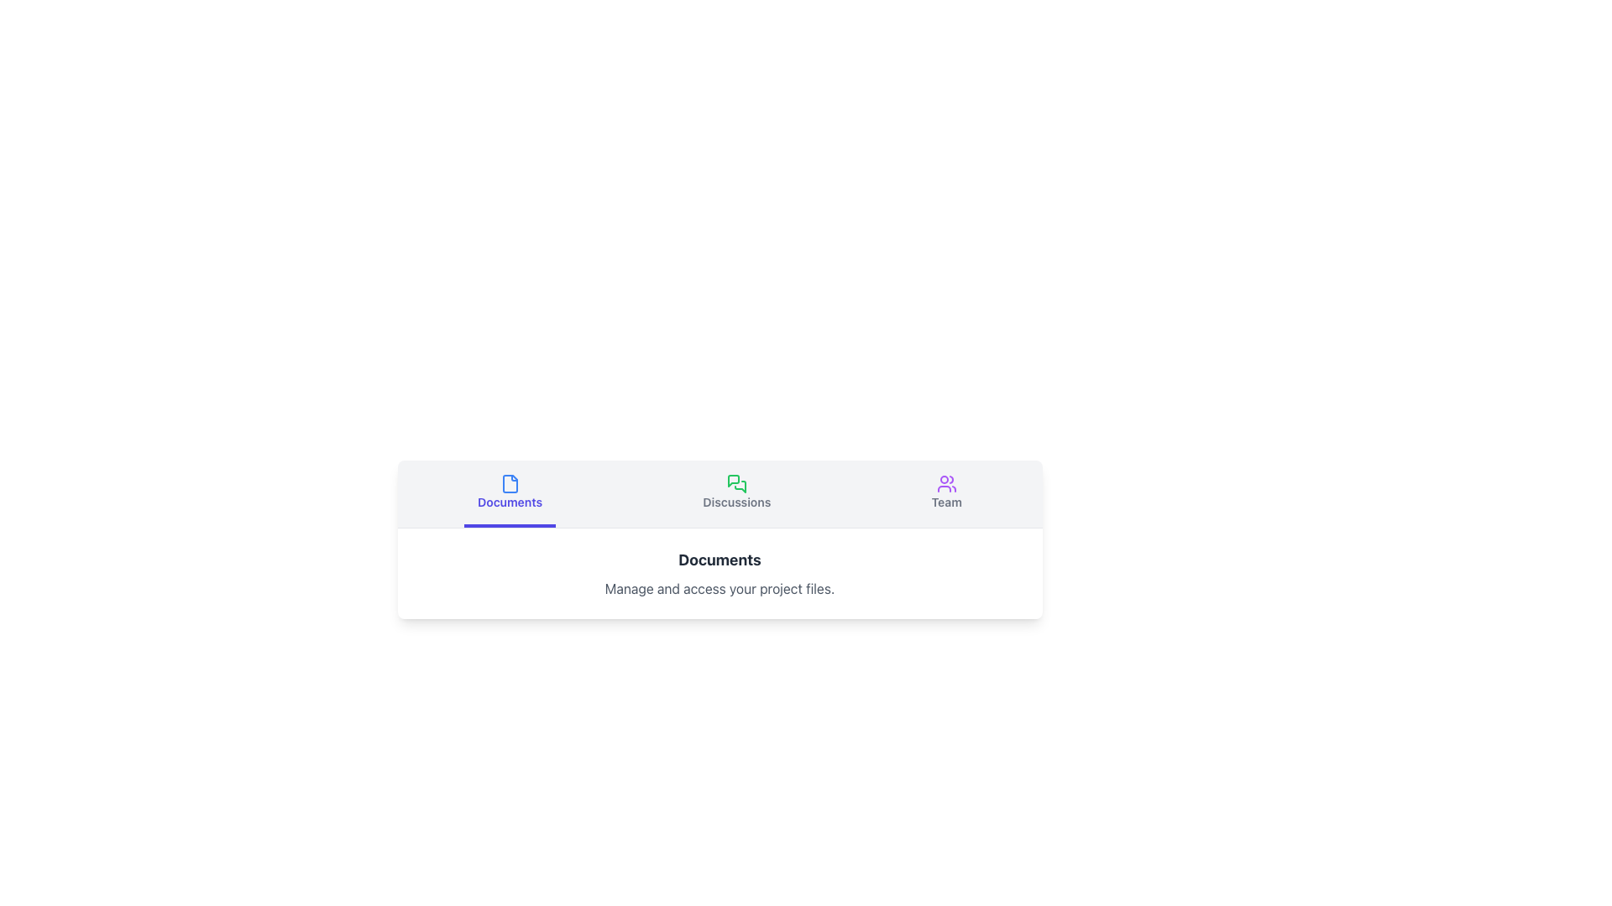  What do you see at coordinates (946, 501) in the screenshot?
I see `the 'Team' navigation tab label` at bounding box center [946, 501].